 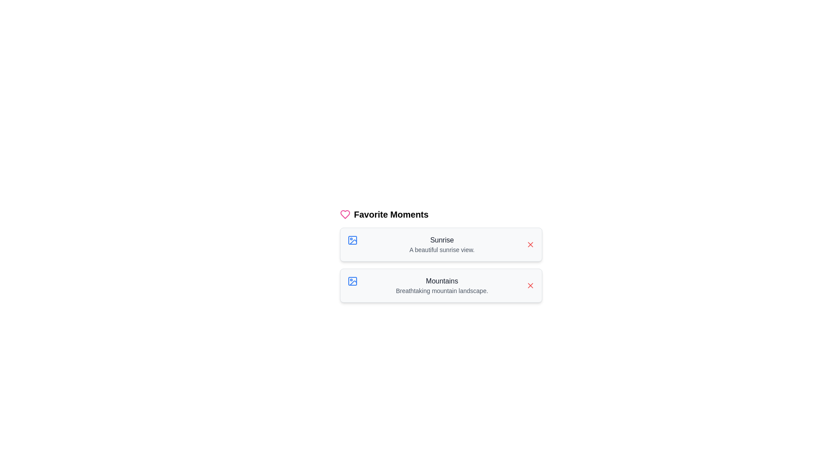 I want to click on the remove button for the item Sunrise, so click(x=530, y=244).